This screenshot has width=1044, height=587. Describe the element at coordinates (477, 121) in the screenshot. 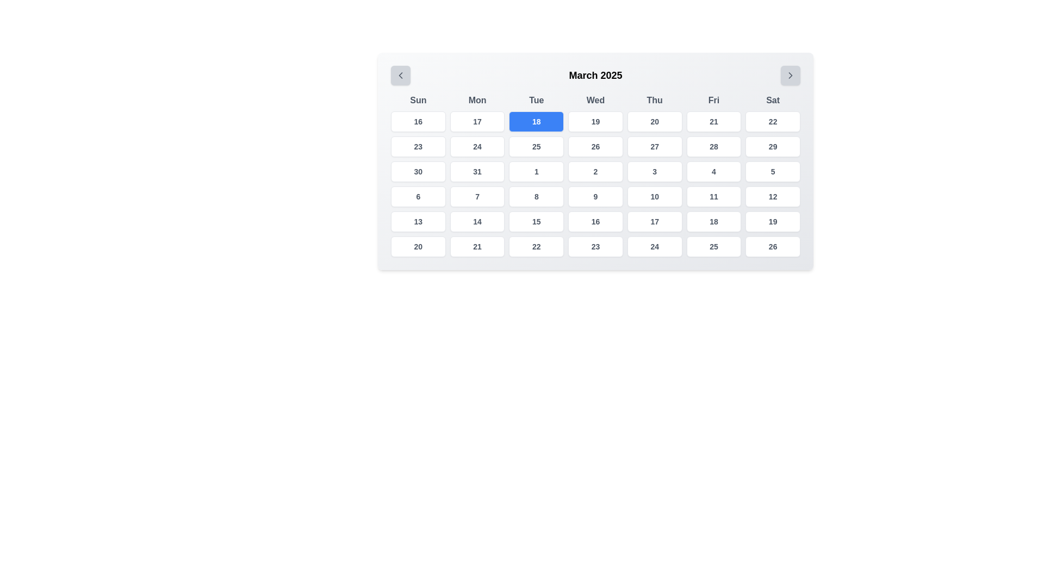

I see `the selectable day button for the 17th in the calendar interface, located in the second column under 'Mon'` at that location.